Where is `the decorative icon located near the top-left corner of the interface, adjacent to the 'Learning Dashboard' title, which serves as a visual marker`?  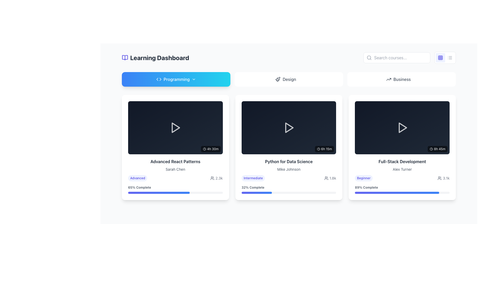 the decorative icon located near the top-left corner of the interface, adjacent to the 'Learning Dashboard' title, which serves as a visual marker is located at coordinates (125, 58).